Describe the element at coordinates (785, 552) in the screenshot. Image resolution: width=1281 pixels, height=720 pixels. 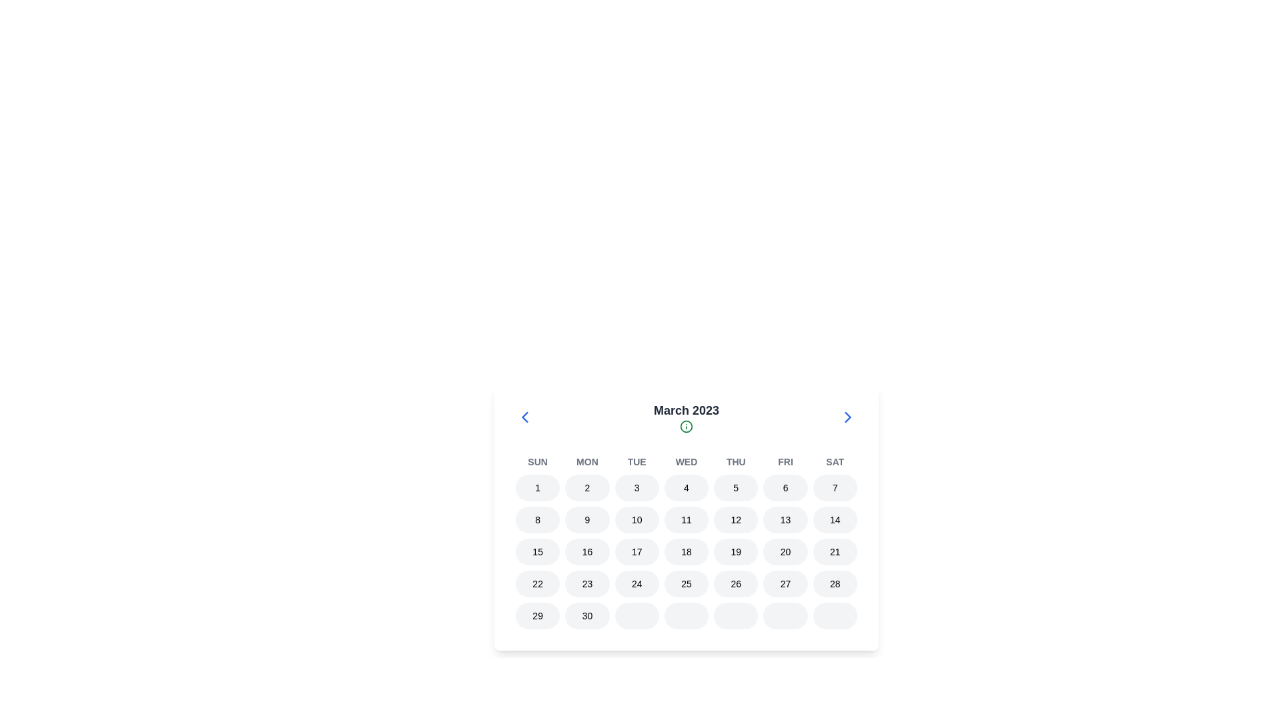
I see `the button representing the date '20' in the calendar interface` at that location.